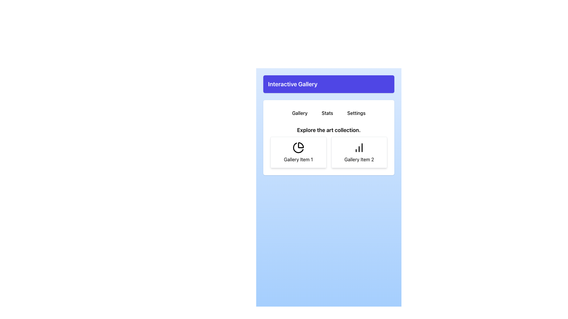 This screenshot has height=319, width=568. What do you see at coordinates (293, 84) in the screenshot?
I see `the 'Interactive Gallery' text label, which is styled with a bold font and located within a purple header bar at the top of the interface` at bounding box center [293, 84].